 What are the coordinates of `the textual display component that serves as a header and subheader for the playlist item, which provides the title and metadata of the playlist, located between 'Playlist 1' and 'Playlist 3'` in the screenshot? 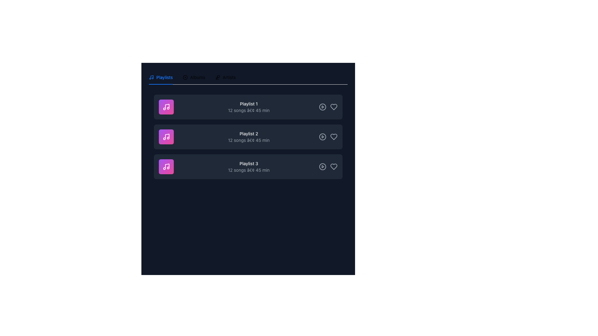 It's located at (248, 136).